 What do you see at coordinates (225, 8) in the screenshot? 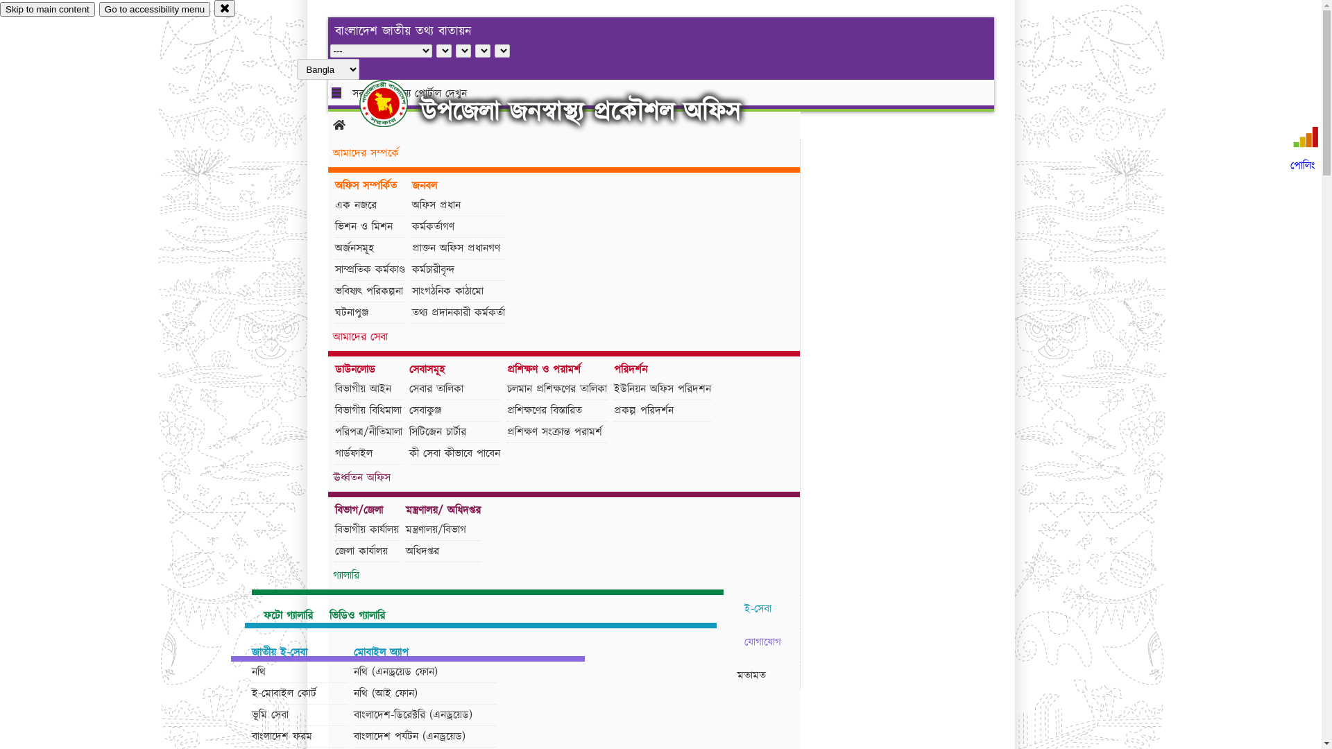
I see `'close'` at bounding box center [225, 8].